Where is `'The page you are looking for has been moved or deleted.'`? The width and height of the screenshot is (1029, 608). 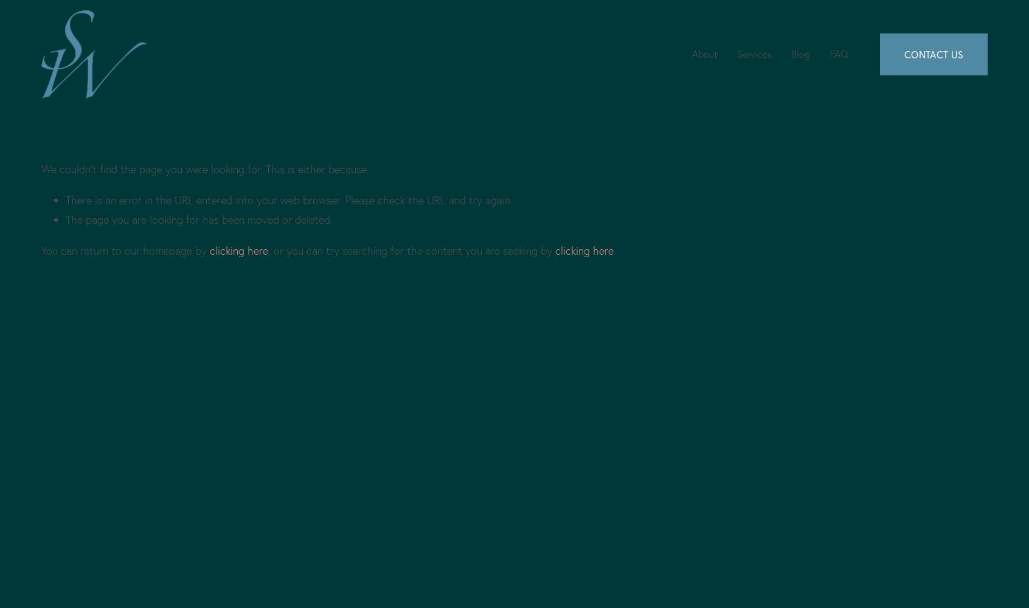 'The page you are looking for has been moved or deleted.' is located at coordinates (198, 219).